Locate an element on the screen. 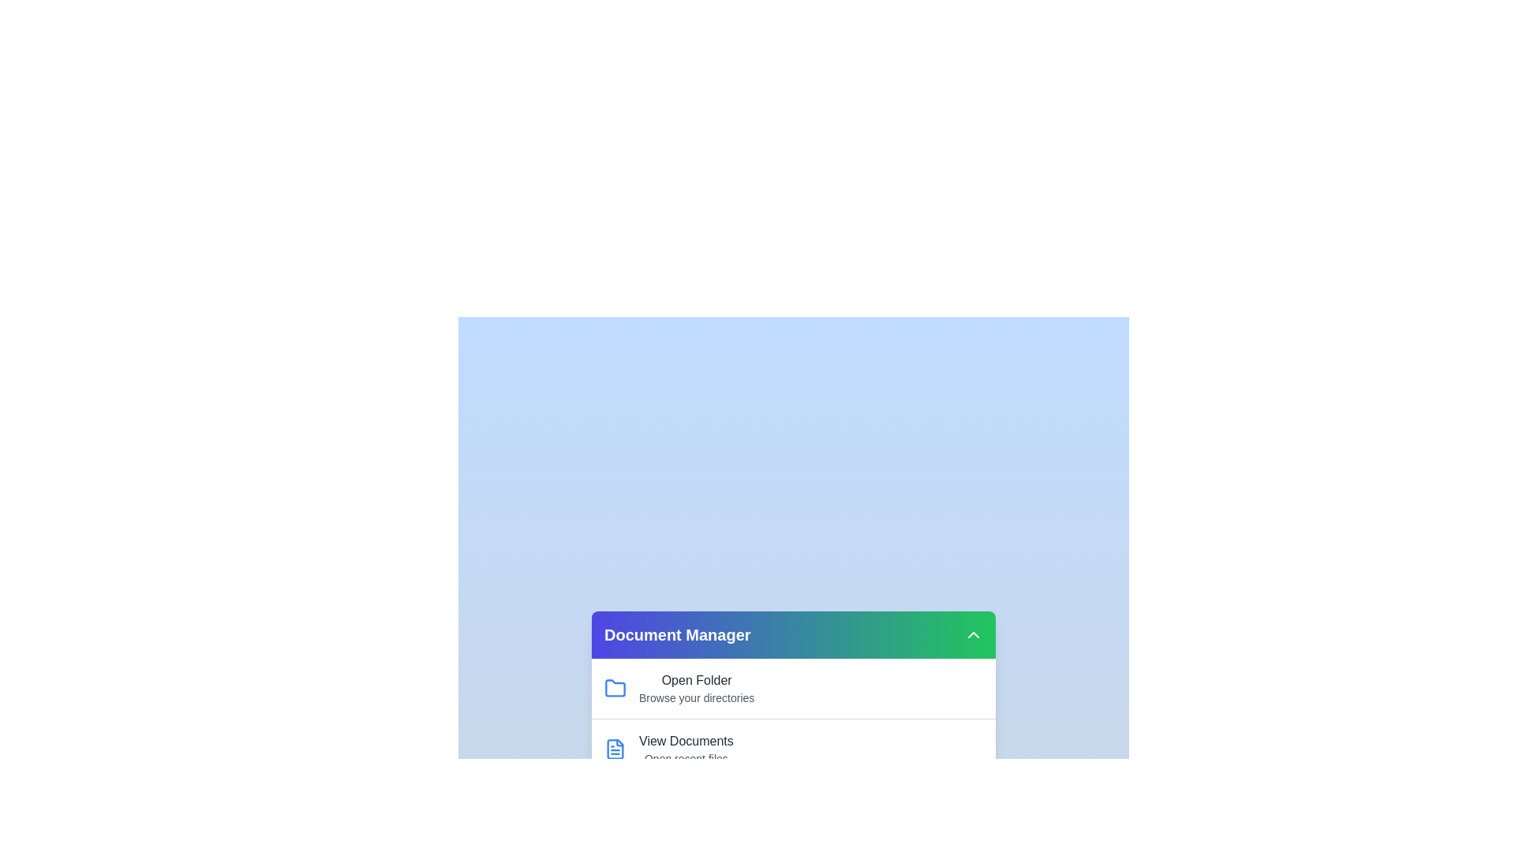 The height and width of the screenshot is (852, 1515). the menu item Open Folder to highlight it is located at coordinates (696, 680).